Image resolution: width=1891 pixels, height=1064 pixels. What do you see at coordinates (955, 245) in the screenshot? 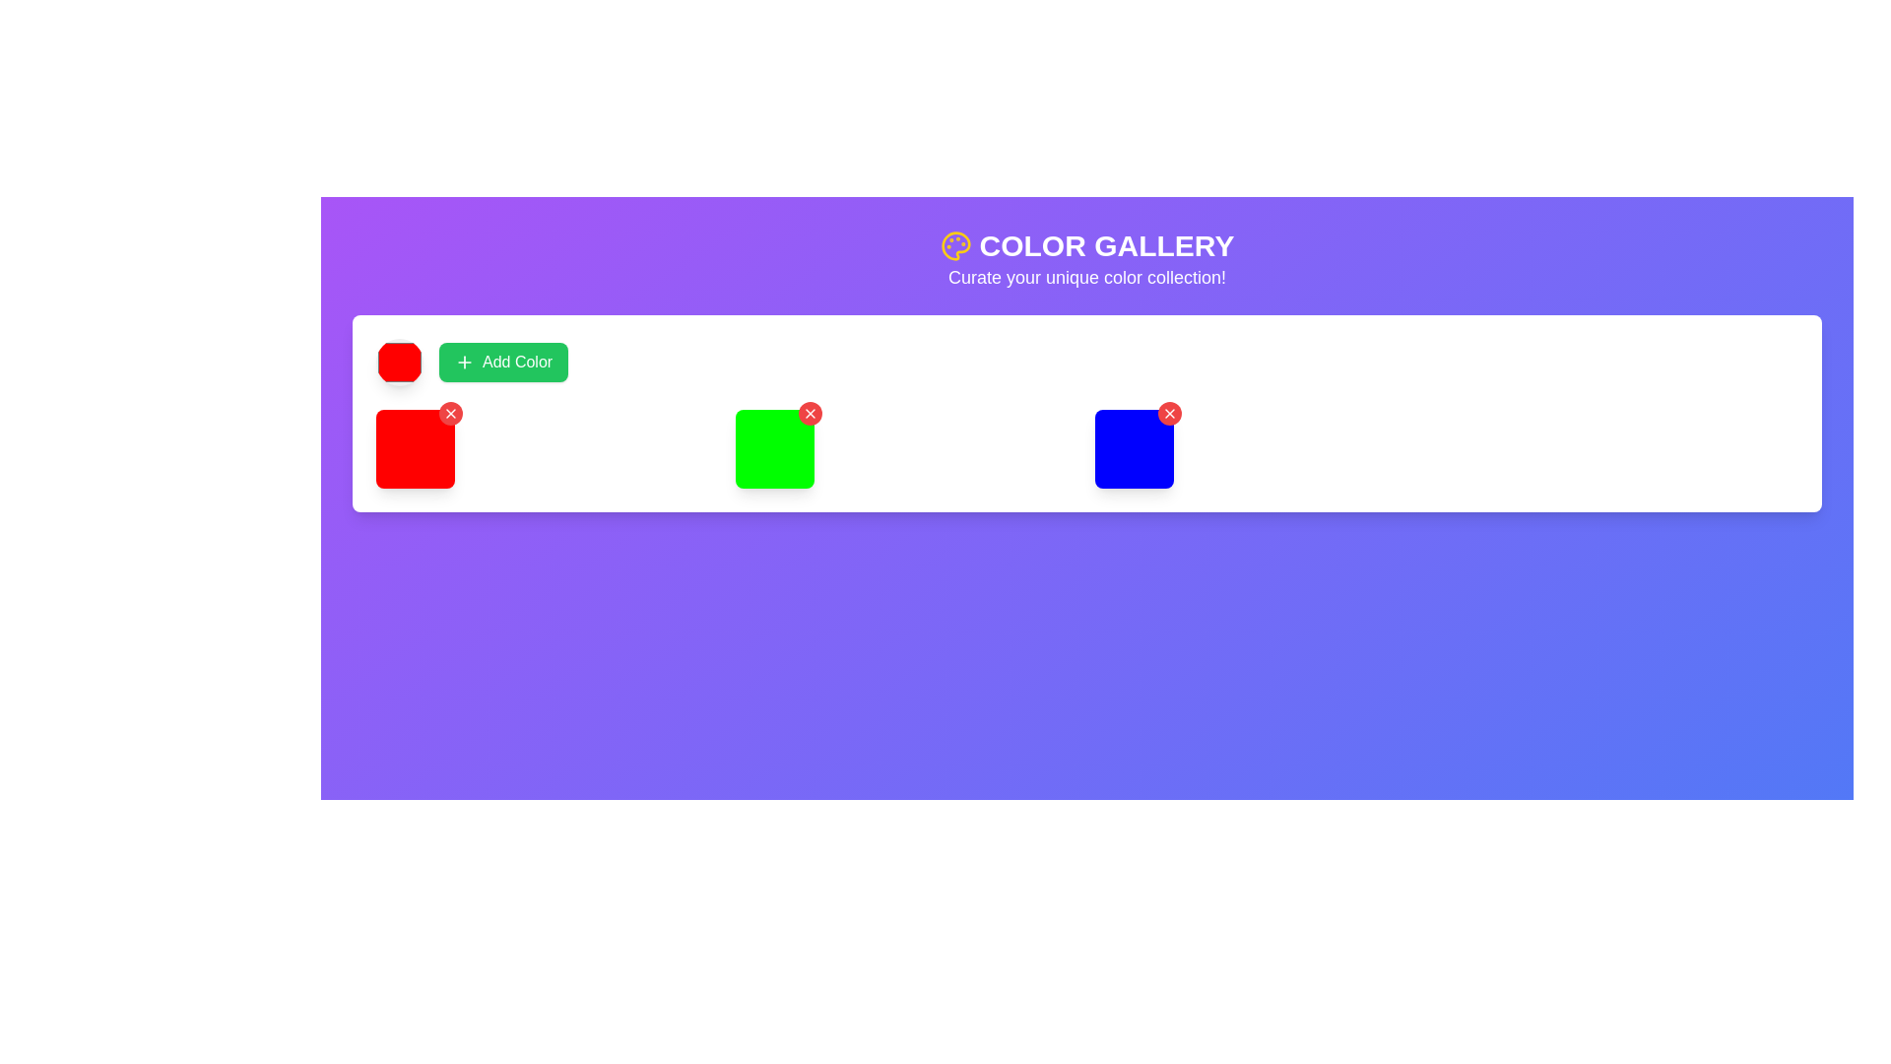
I see `the color gallery icon, which is centrally located within the interface and visually represents the color gallery theme` at bounding box center [955, 245].